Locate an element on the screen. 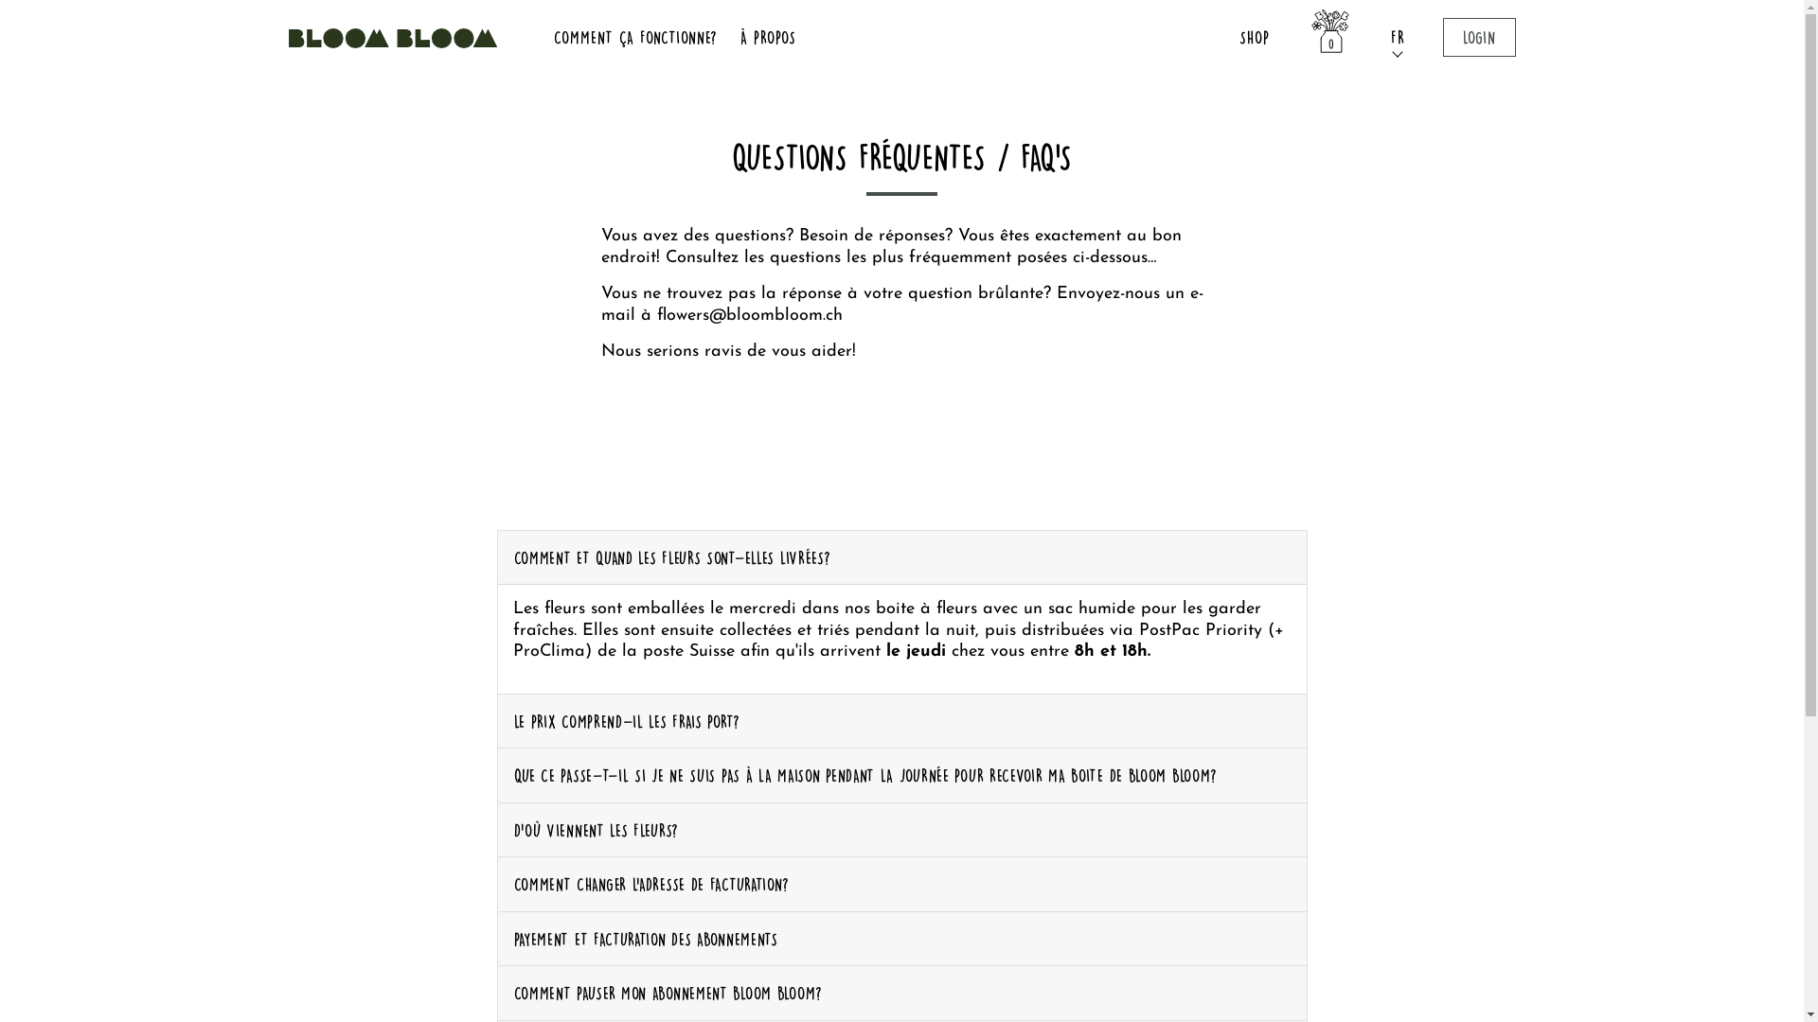 This screenshot has height=1022, width=1818. 'SHOP' is located at coordinates (1231, 37).